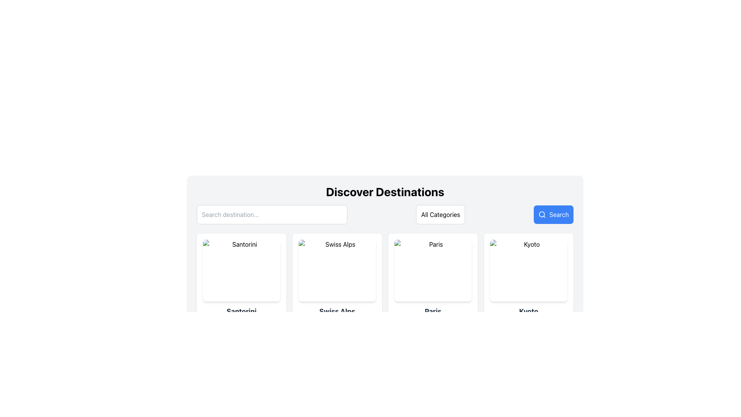 This screenshot has width=741, height=417. I want to click on the text label 'Kyoto', which is located at the bottom center of the fourth card in a row of cards, positioned directly below an image, so click(528, 311).